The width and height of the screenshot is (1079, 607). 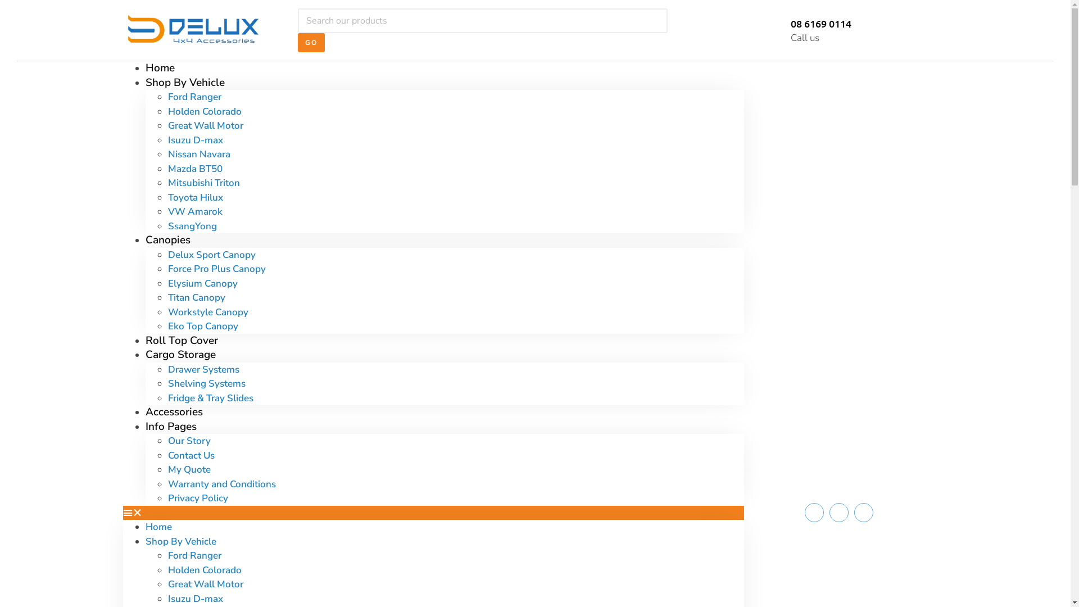 What do you see at coordinates (191, 454) in the screenshot?
I see `'Contact Us'` at bounding box center [191, 454].